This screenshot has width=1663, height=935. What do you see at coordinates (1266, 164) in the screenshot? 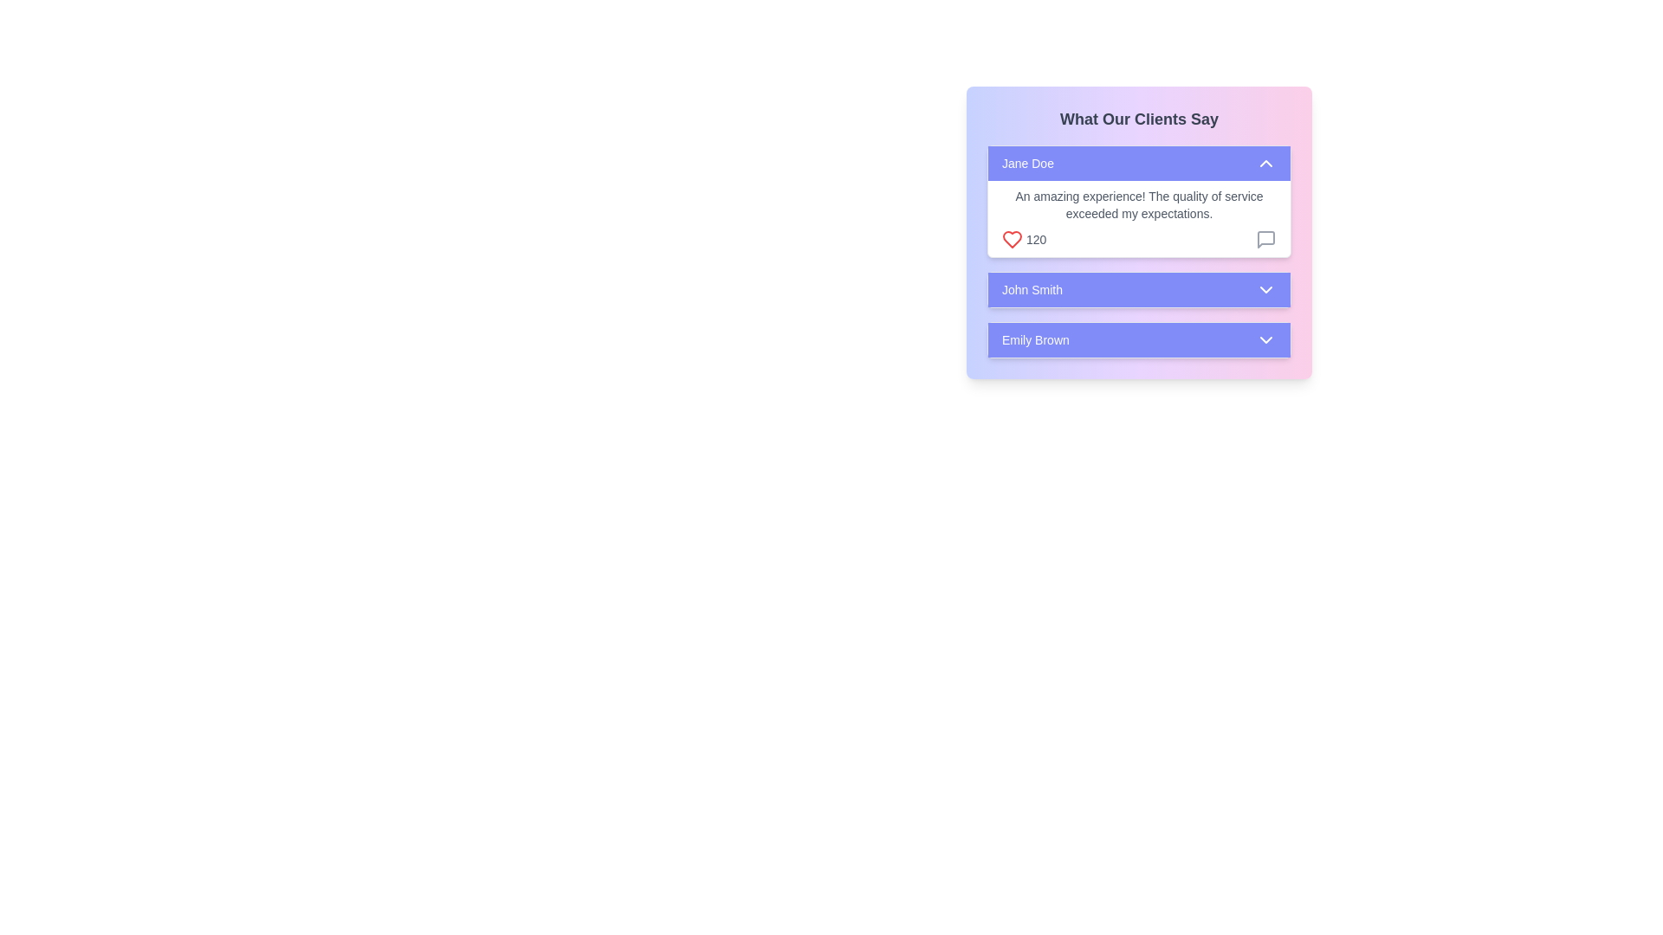
I see `the upward-pointing chevron icon button located to the right of 'Jane Doe' in the 'What Our Clients Say' panel to interact via keyboard` at bounding box center [1266, 164].